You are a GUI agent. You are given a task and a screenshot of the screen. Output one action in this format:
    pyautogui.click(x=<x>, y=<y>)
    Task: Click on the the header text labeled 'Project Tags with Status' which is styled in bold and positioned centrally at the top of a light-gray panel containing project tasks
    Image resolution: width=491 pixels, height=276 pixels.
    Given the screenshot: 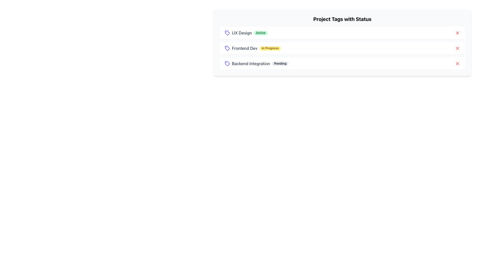 What is the action you would take?
    pyautogui.click(x=342, y=19)
    